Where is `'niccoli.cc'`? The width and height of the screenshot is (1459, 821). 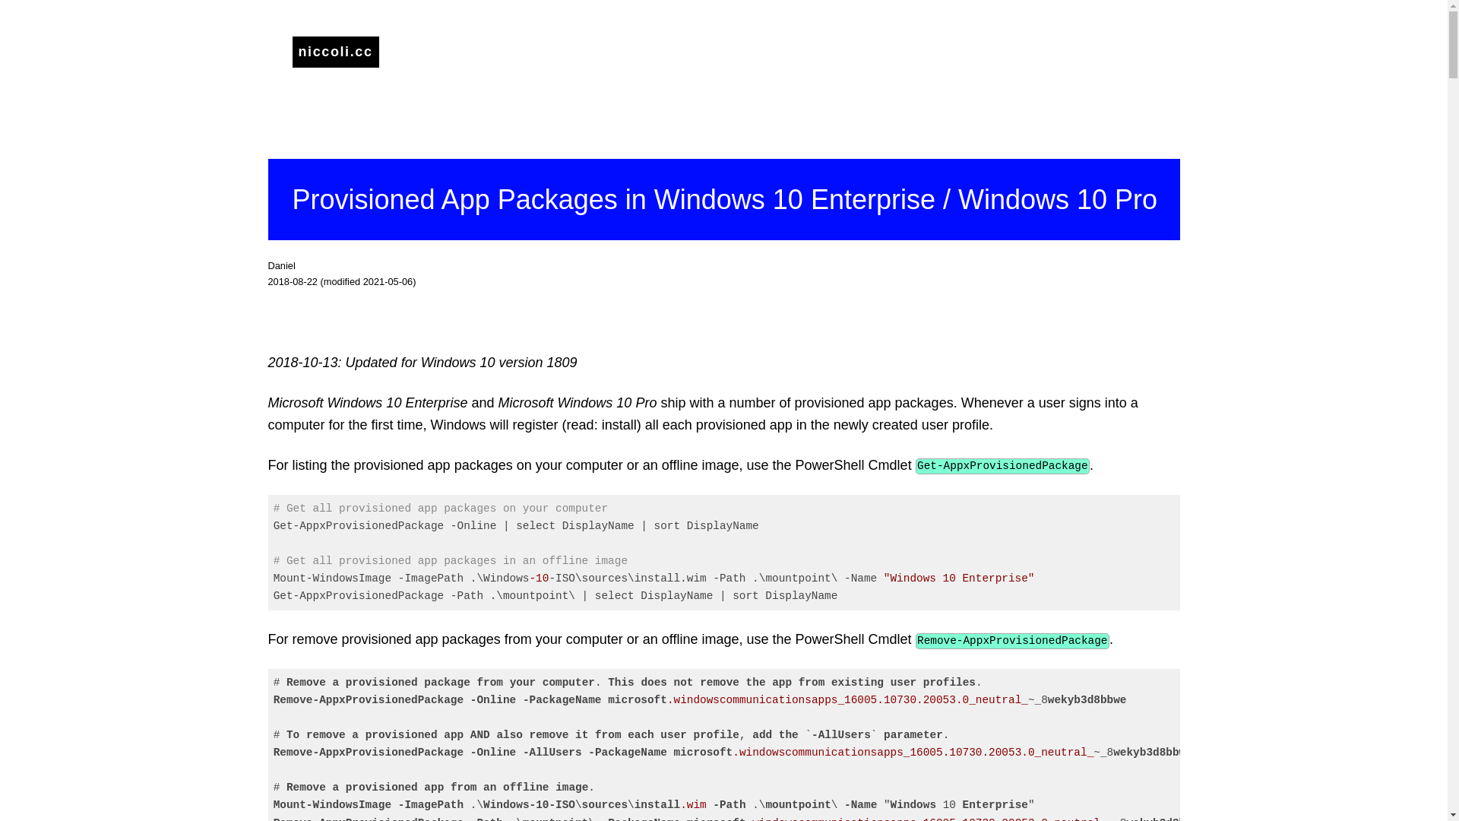
'niccoli.cc' is located at coordinates (334, 51).